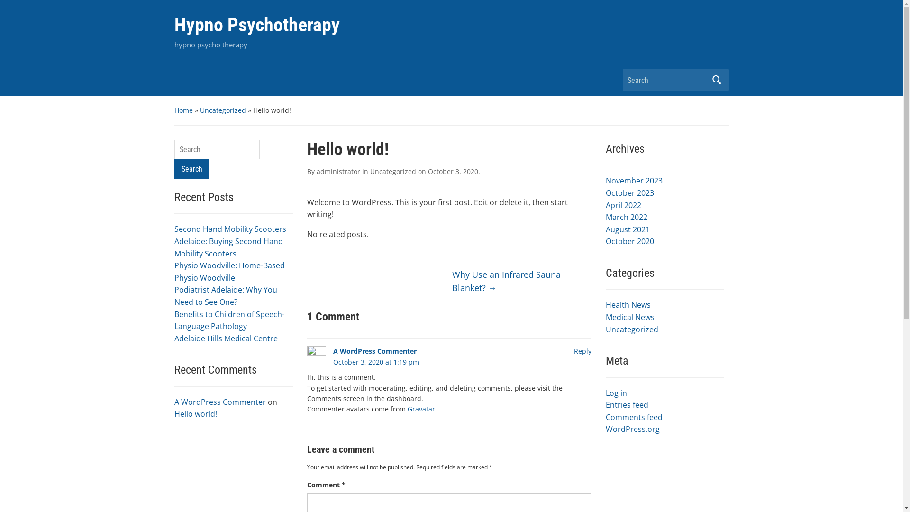 This screenshot has height=512, width=910. What do you see at coordinates (222, 110) in the screenshot?
I see `'Uncategorized'` at bounding box center [222, 110].